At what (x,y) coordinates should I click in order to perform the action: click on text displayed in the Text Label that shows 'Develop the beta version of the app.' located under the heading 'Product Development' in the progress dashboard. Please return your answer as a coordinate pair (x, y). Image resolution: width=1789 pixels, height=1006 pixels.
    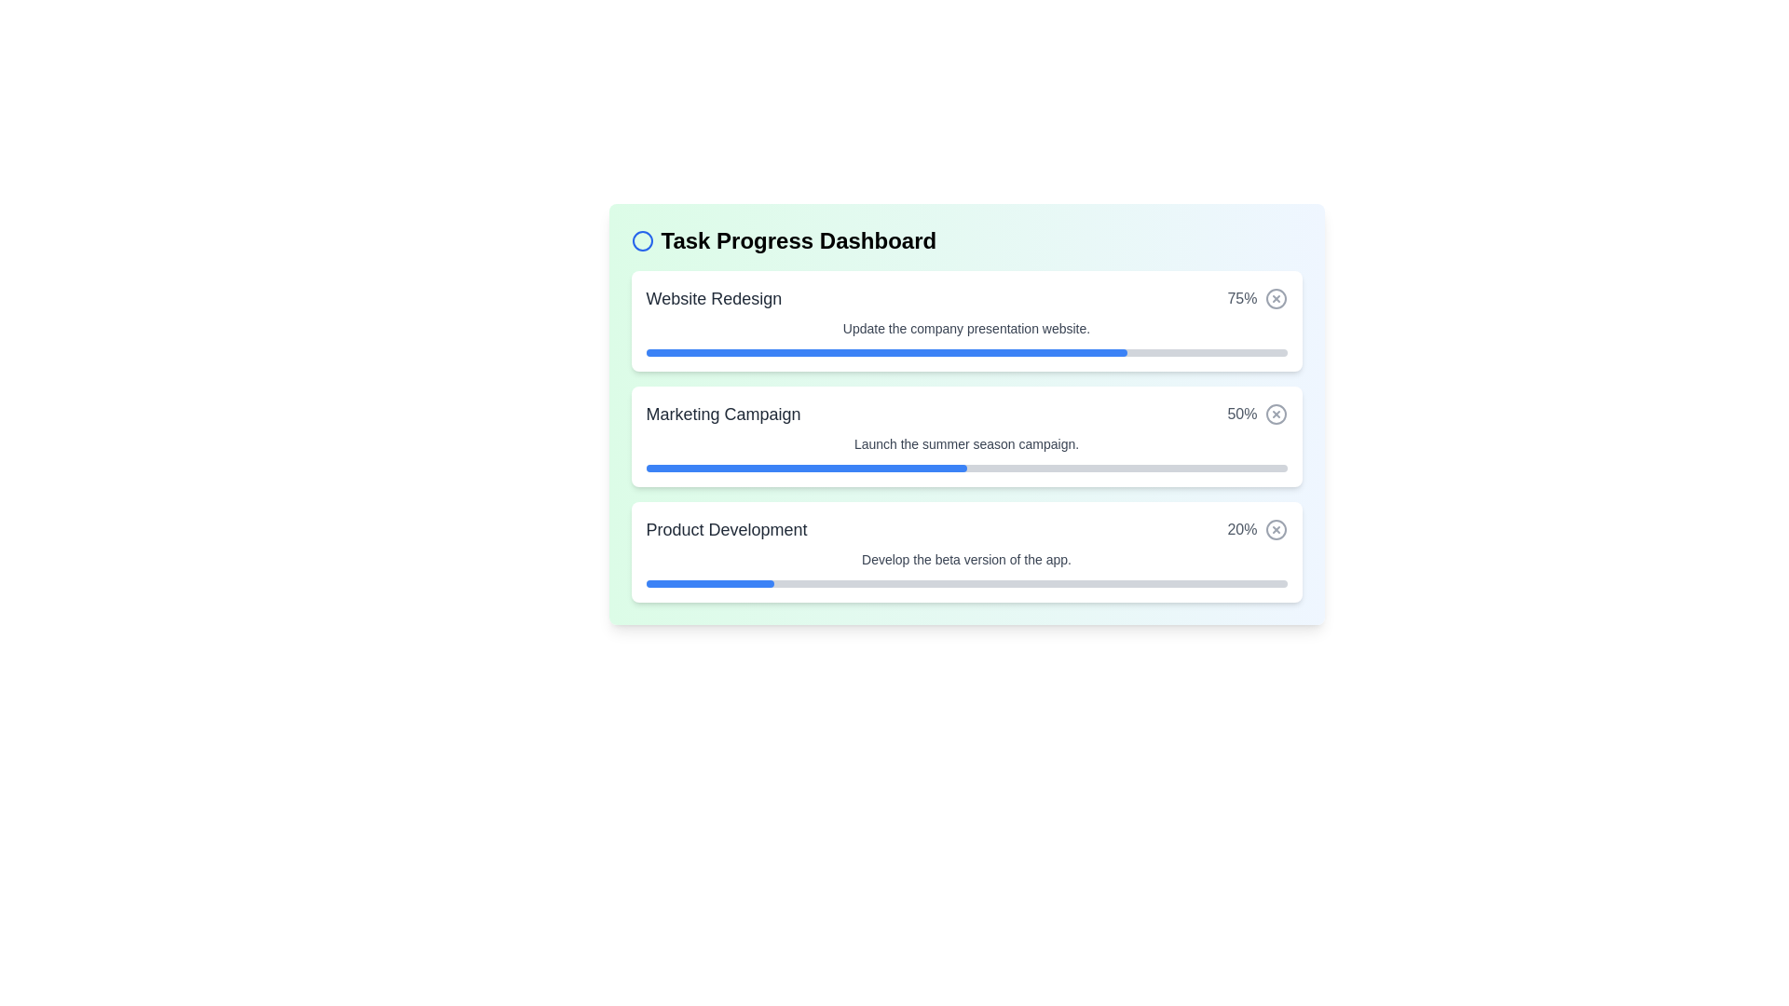
    Looking at the image, I should click on (966, 559).